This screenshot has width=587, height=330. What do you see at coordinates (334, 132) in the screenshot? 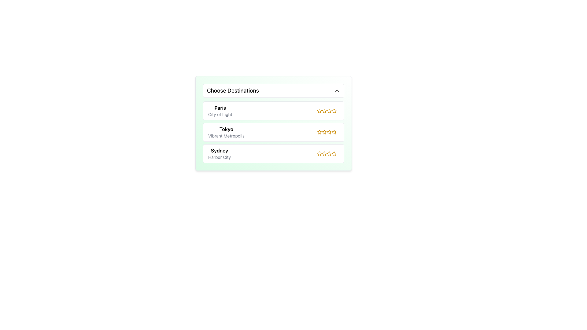
I see `the fifth star-shaped SVG icon with a yellow stroke color in the rating star group for the 'Tokyo' destination to set the rating to five stars` at bounding box center [334, 132].